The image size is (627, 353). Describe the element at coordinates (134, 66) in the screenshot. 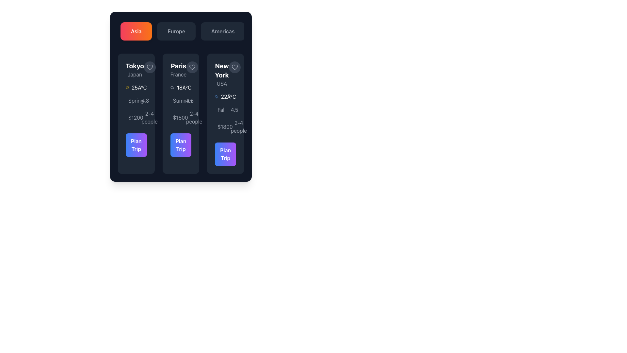

I see `the prominent bold white text label displaying 'Tokyo' located in the top-left corner of the first column, above the lighter colored text 'Japan'` at that location.